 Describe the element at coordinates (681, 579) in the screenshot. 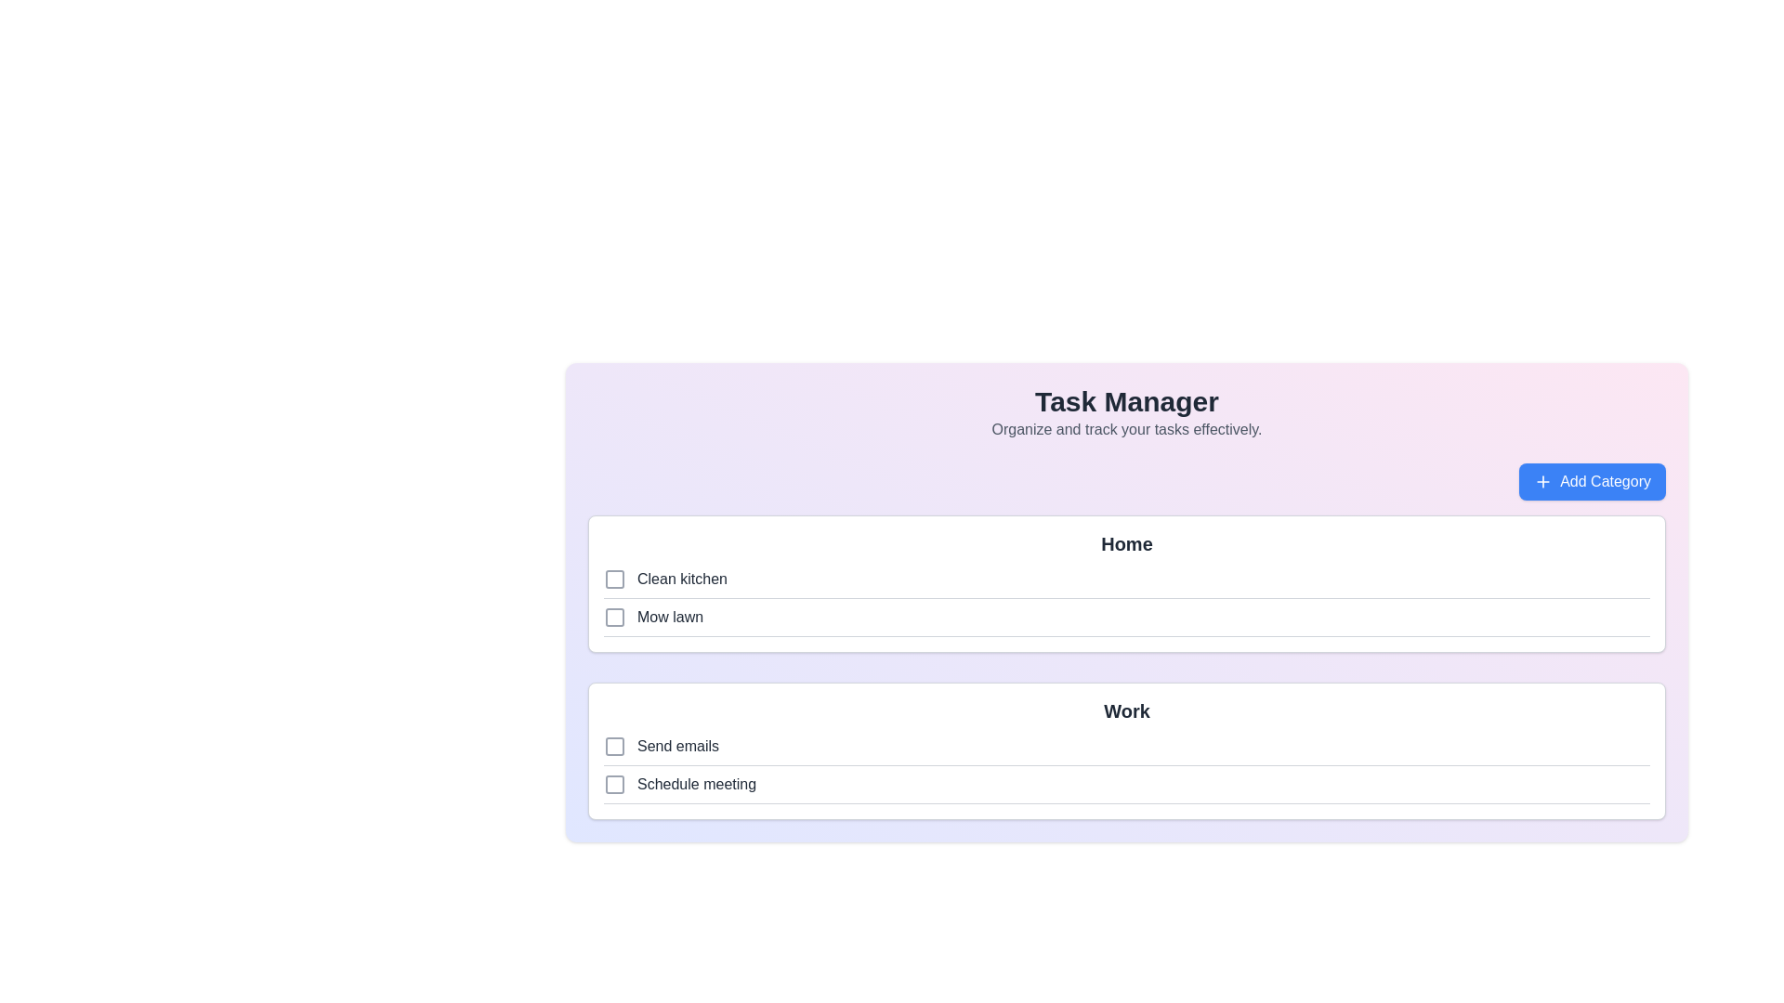

I see `the 'Clean kitchen' label in the first row of the 'Home' section to focus on it` at that location.